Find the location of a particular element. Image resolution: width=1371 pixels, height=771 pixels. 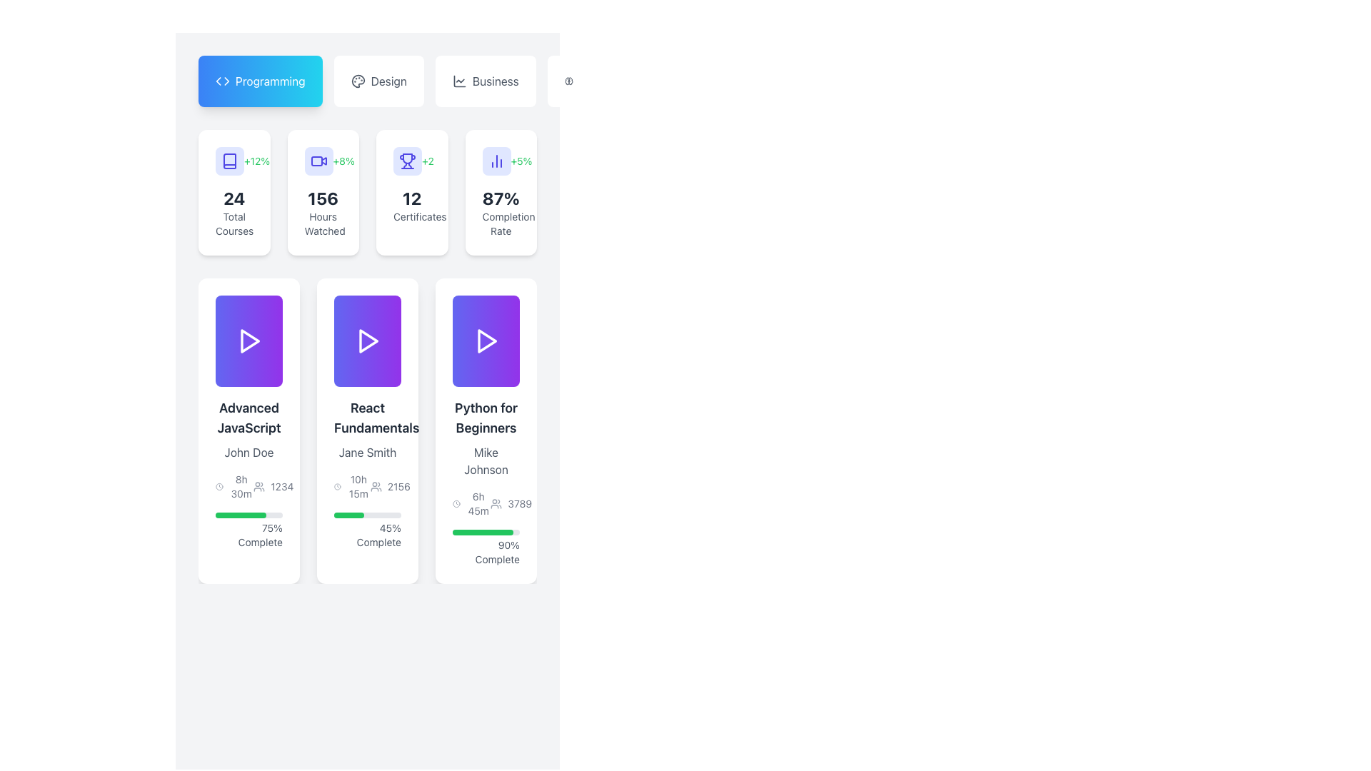

the percentage value displayed in the text label indicating the completion rate, which is located within the card labeled '87% Completion Rate' and aligned to the right of the graphical column chart icon is located at coordinates (501, 161).